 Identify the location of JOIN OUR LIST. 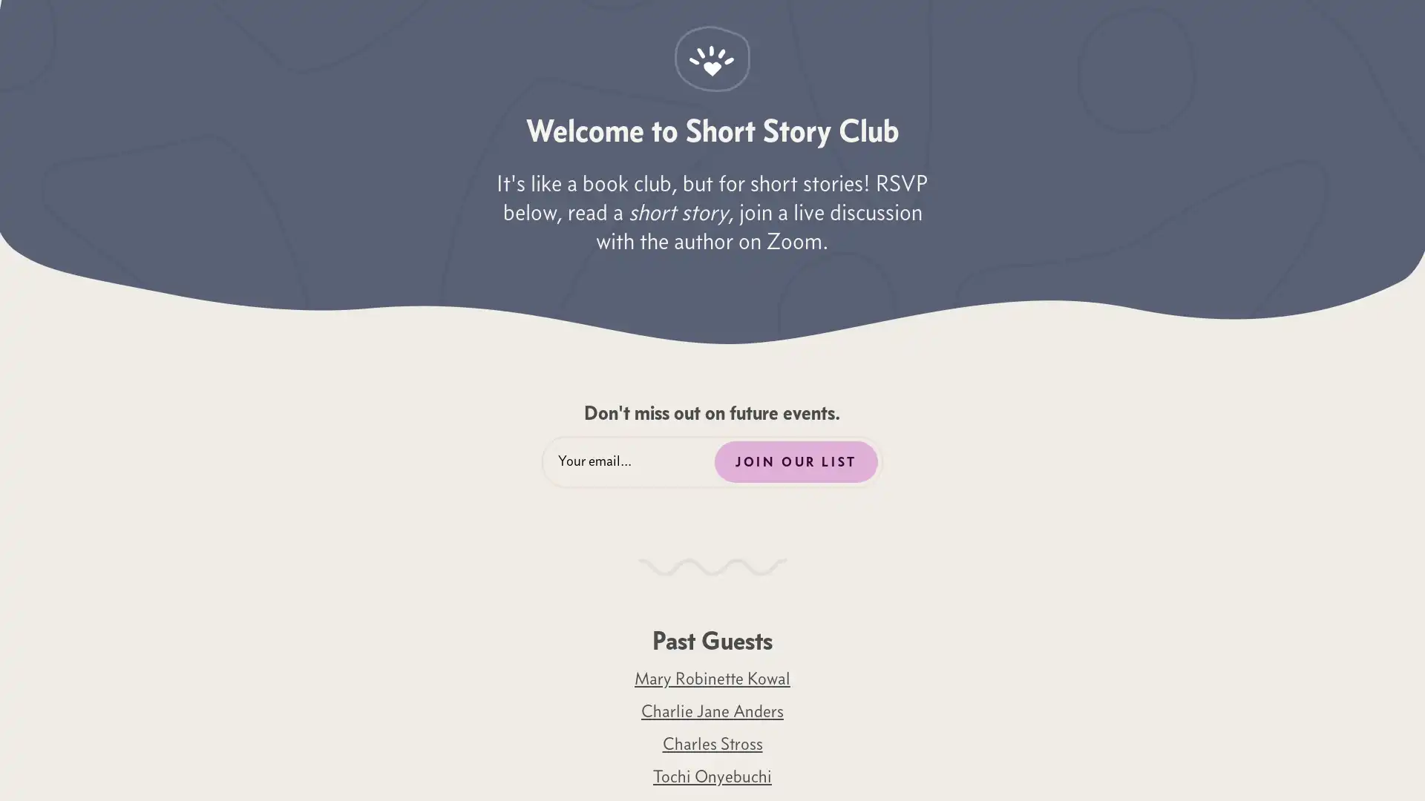
(796, 461).